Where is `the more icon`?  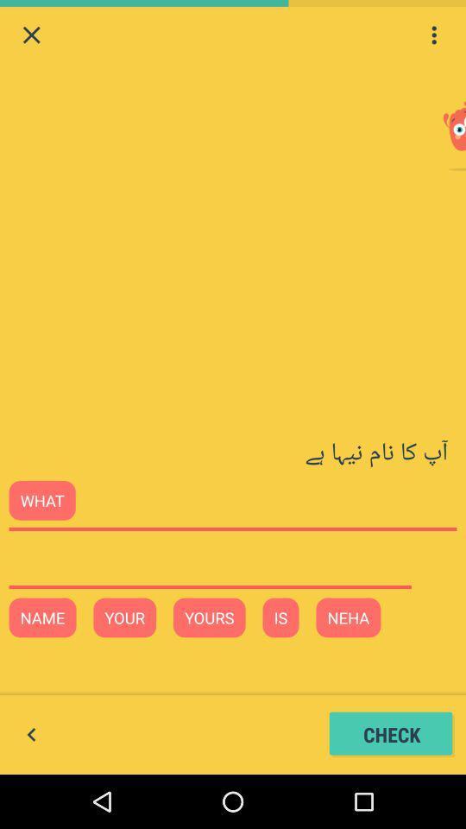
the more icon is located at coordinates (433, 36).